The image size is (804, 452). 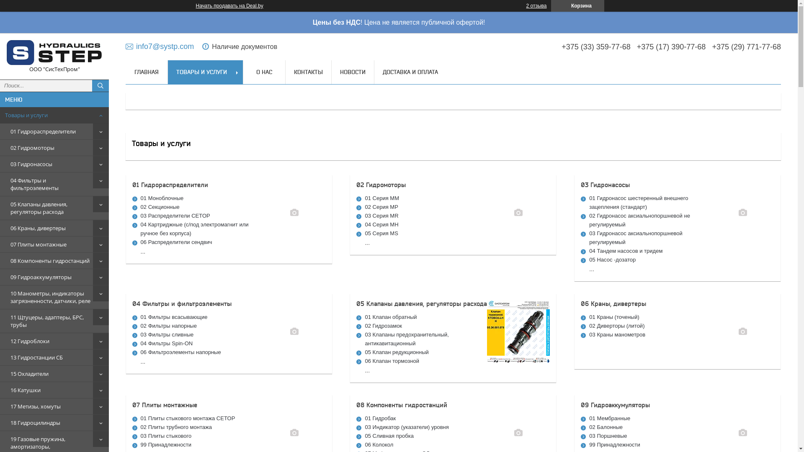 What do you see at coordinates (160, 46) in the screenshot?
I see `'info7@systp.com'` at bounding box center [160, 46].